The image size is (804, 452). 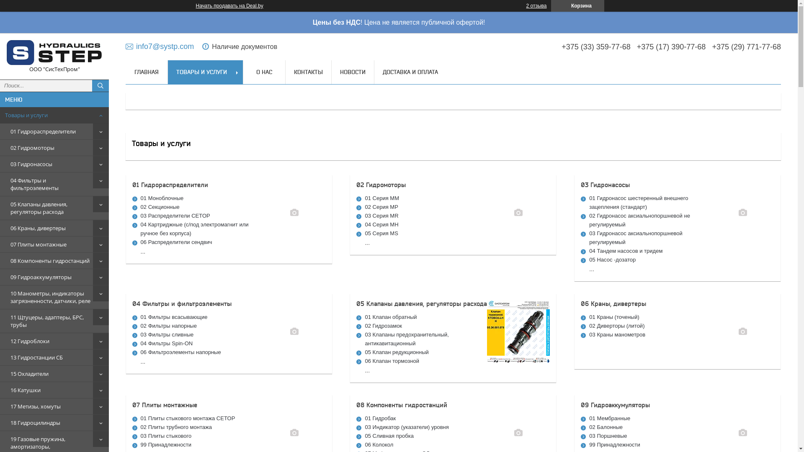 What do you see at coordinates (160, 46) in the screenshot?
I see `'info7@systp.com'` at bounding box center [160, 46].